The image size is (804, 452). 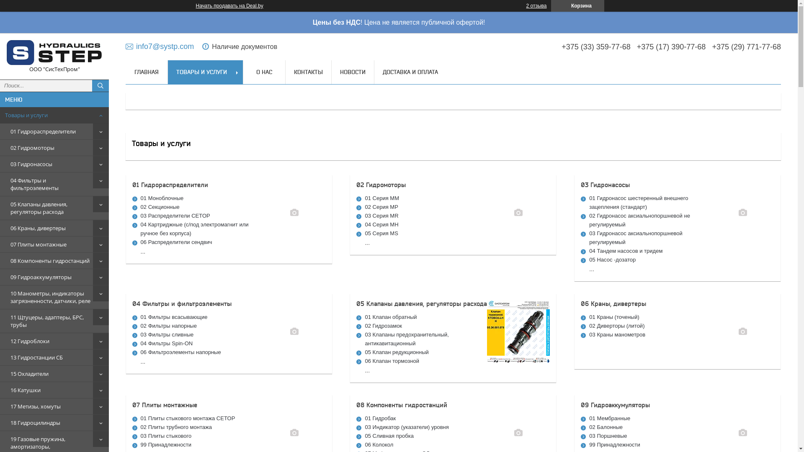 What do you see at coordinates (160, 46) in the screenshot?
I see `'info7@systp.com'` at bounding box center [160, 46].